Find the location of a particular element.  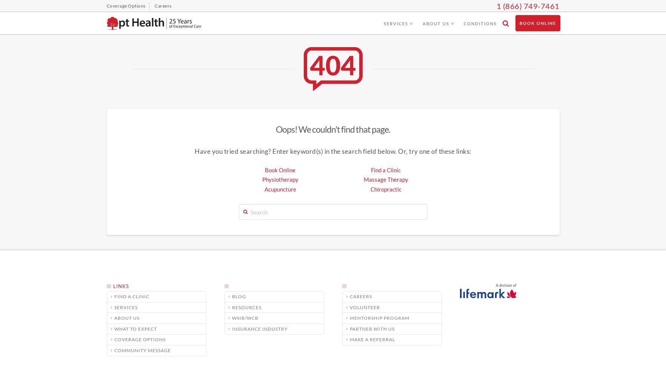

'Book Online' is located at coordinates (280, 169).